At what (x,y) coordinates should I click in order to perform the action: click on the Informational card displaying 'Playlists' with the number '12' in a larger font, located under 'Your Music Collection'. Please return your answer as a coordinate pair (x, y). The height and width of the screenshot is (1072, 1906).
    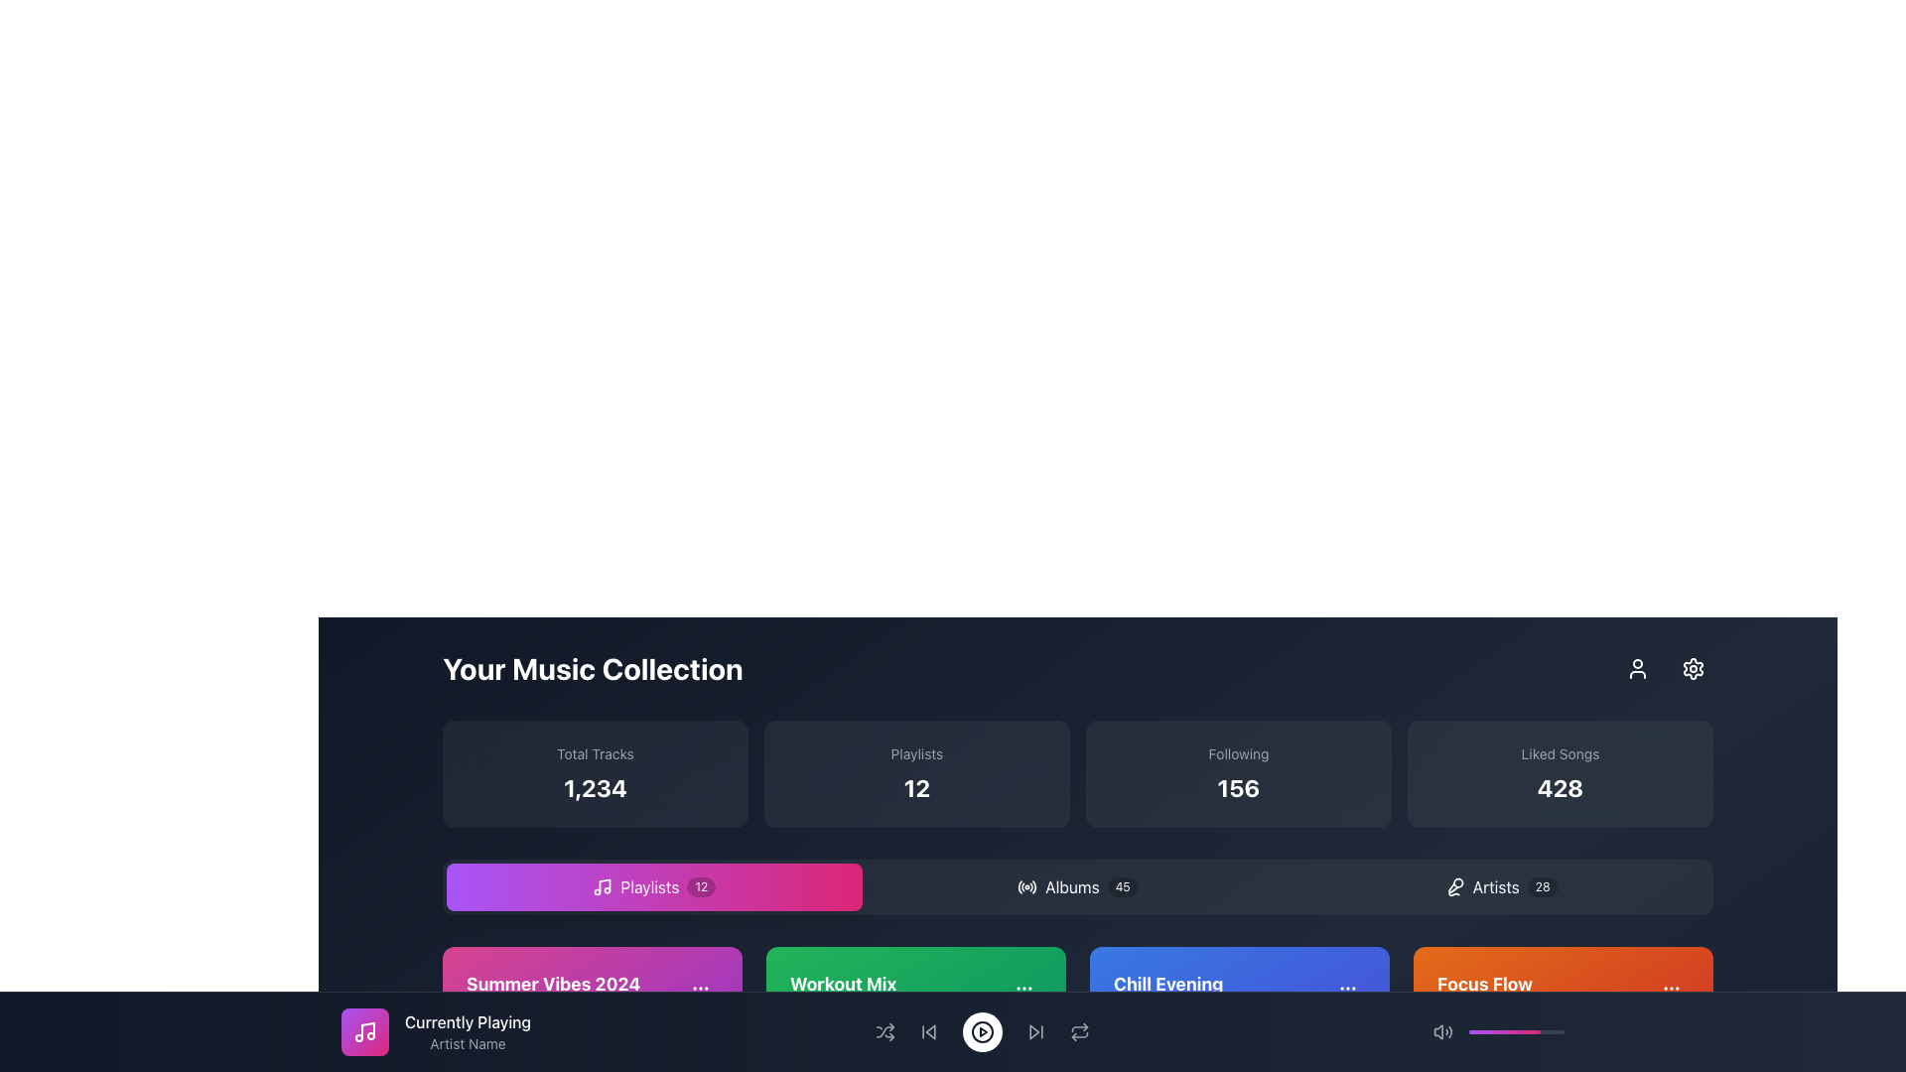
    Looking at the image, I should click on (916, 772).